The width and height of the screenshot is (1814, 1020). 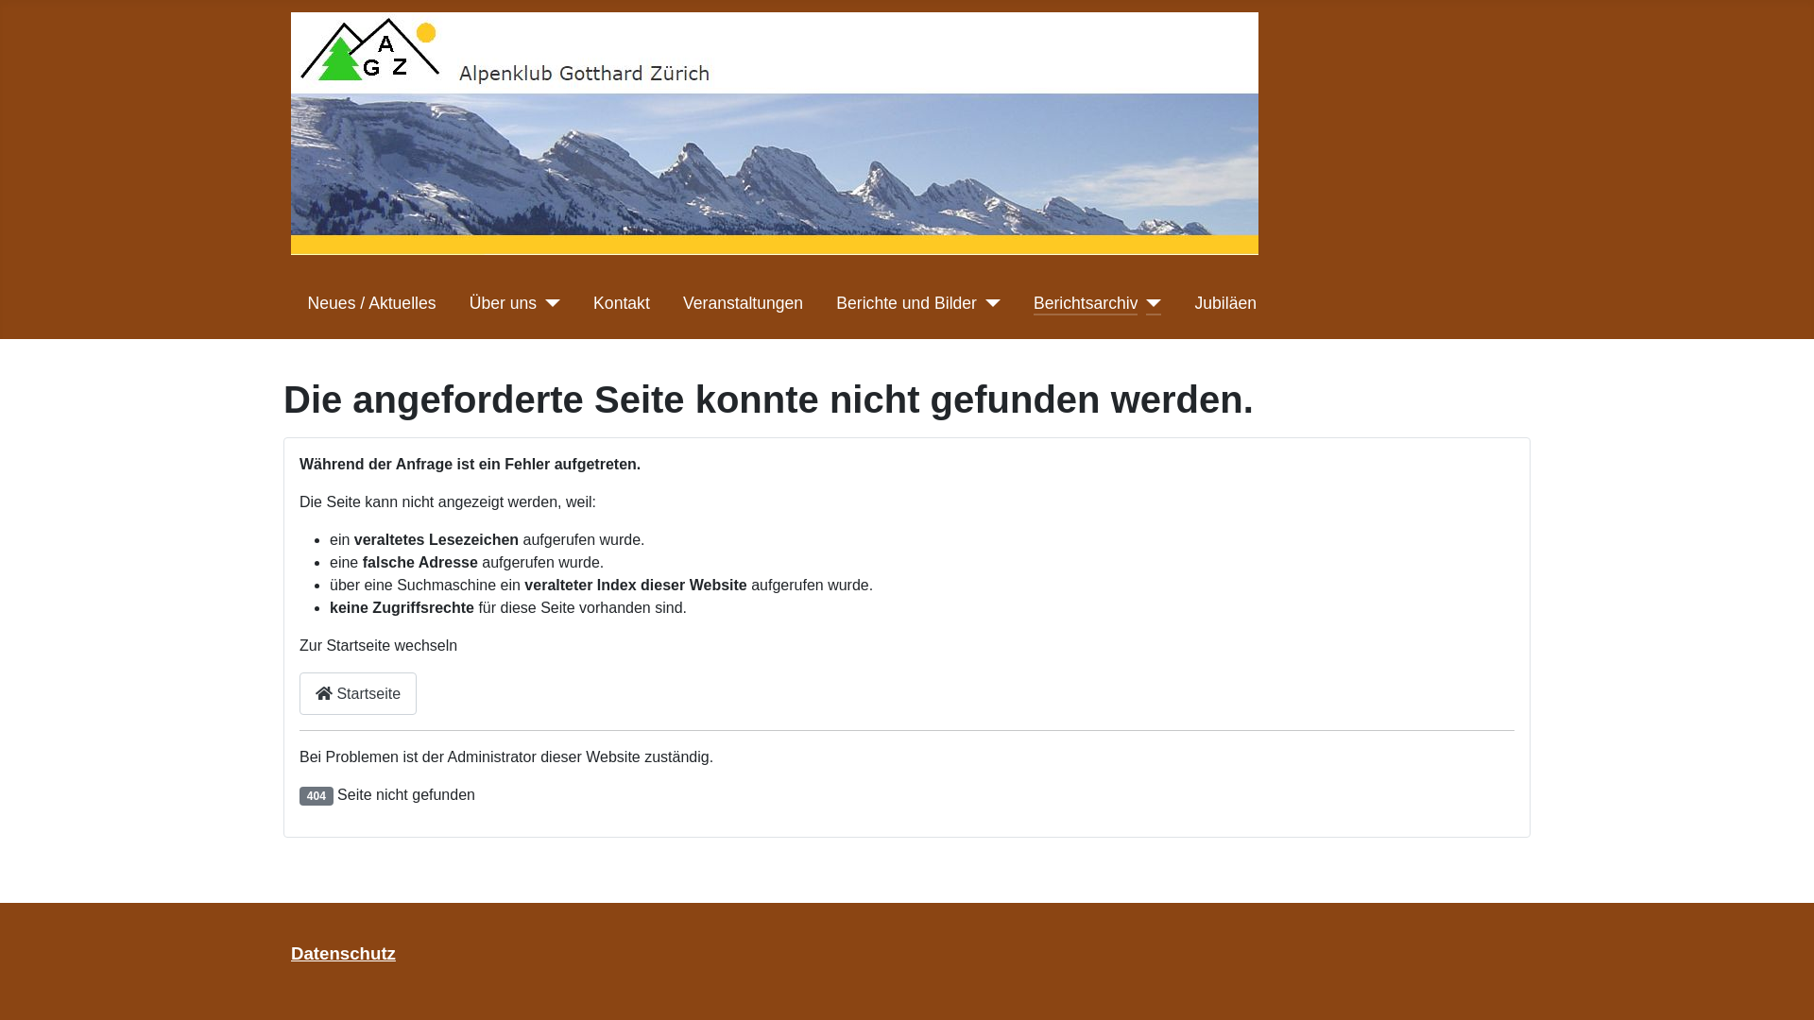 I want to click on 'Neues / Aktuelles', so click(x=371, y=301).